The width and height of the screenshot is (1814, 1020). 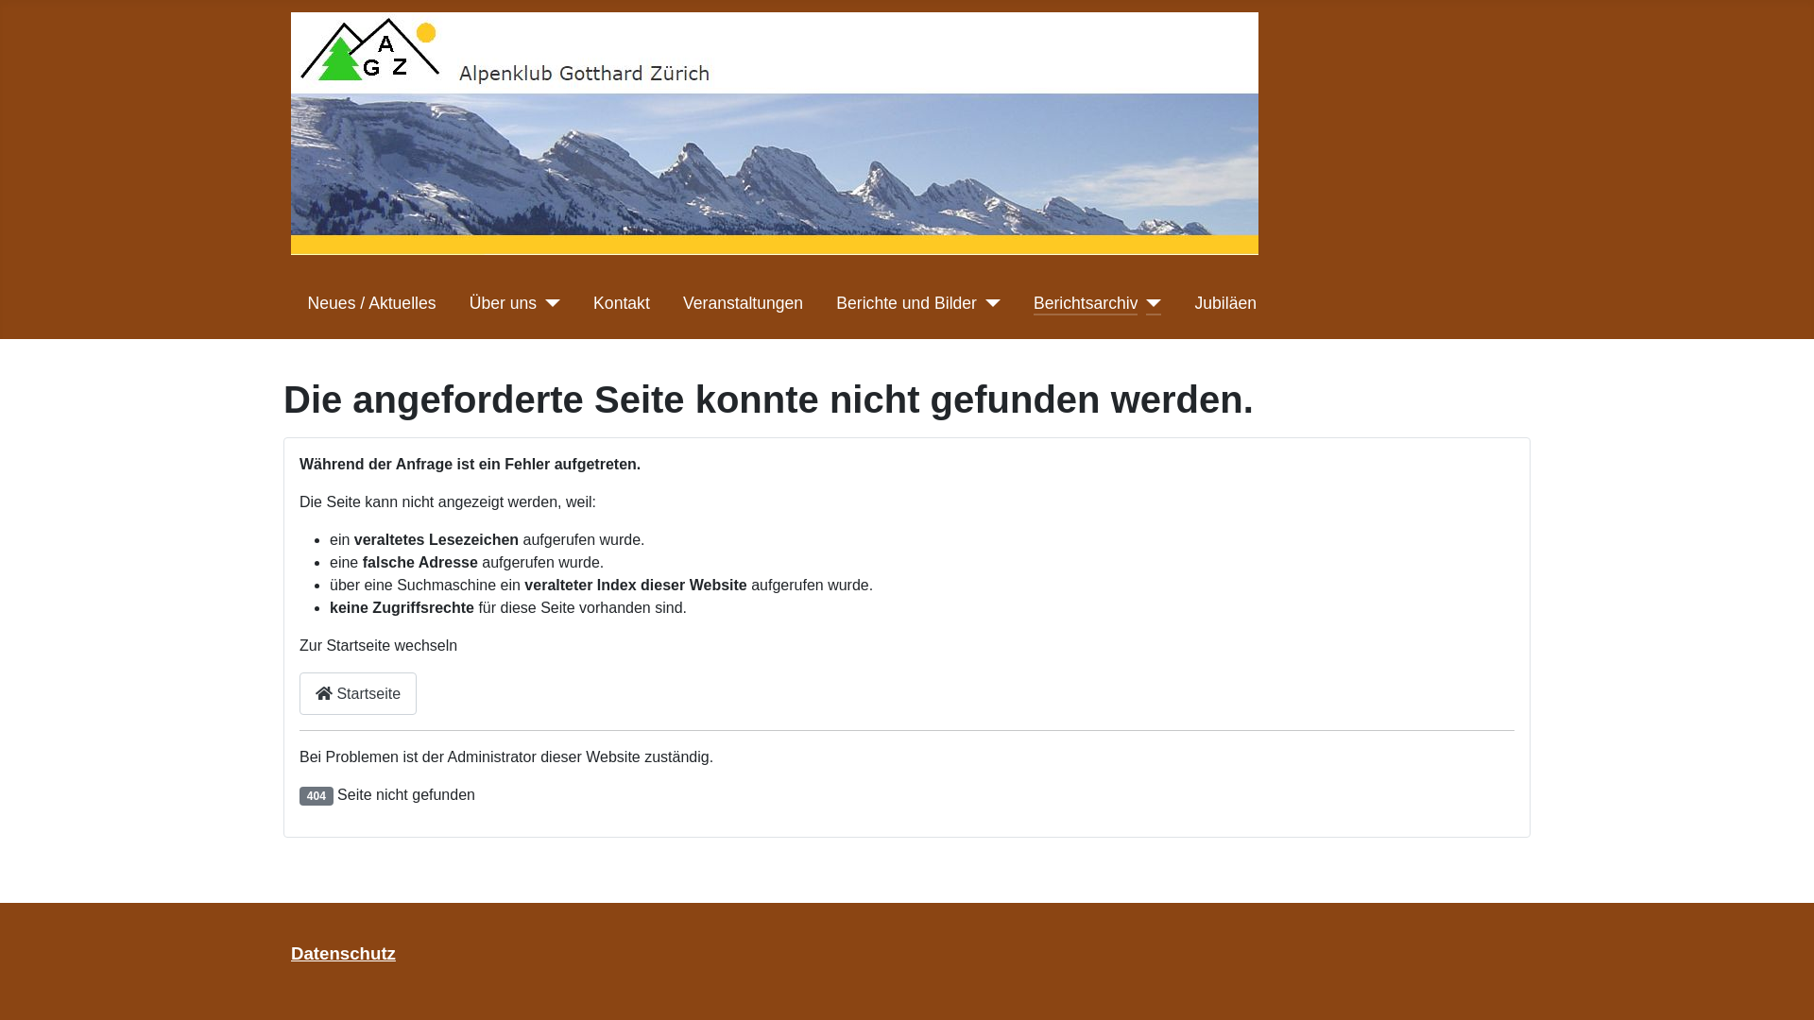 I want to click on 'Neues / Aktuelles', so click(x=371, y=301).